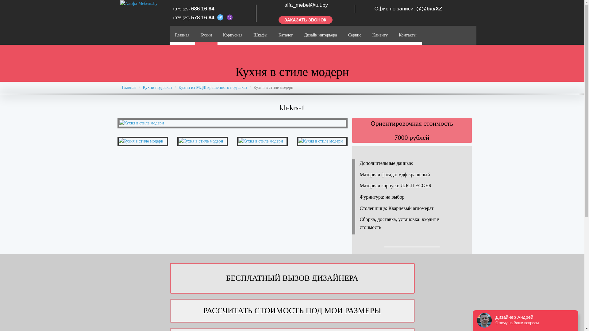 The width and height of the screenshot is (589, 331). What do you see at coordinates (203, 17) in the screenshot?
I see `'578 16 84'` at bounding box center [203, 17].